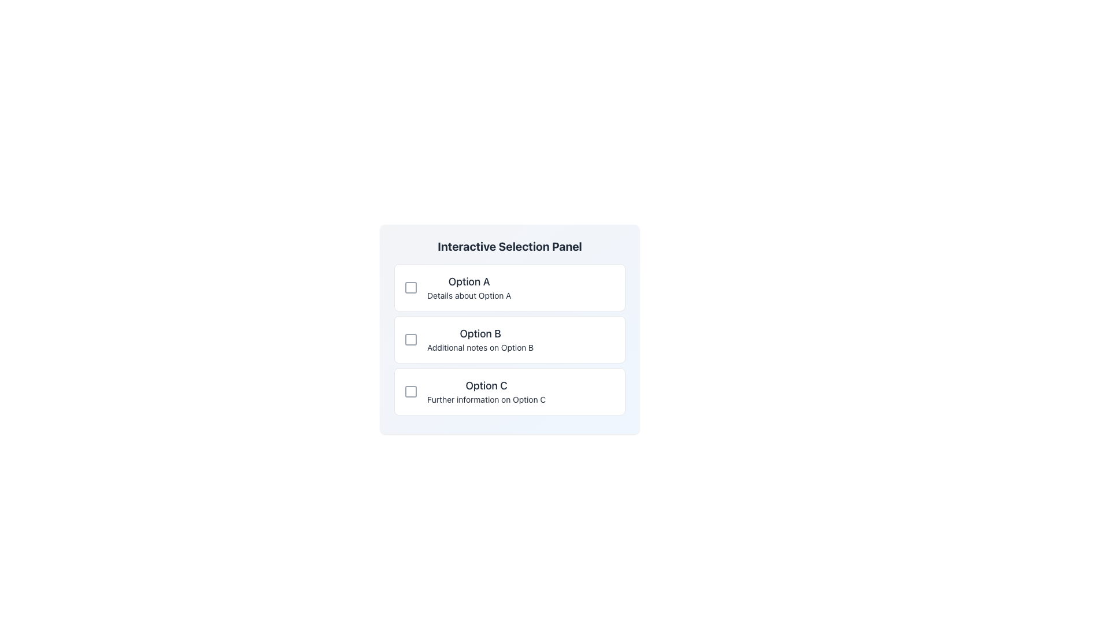 The image size is (1110, 624). What do you see at coordinates (410, 391) in the screenshot?
I see `the Checkbox element next to the labeled text 'Option C' to enable keyboard interaction` at bounding box center [410, 391].